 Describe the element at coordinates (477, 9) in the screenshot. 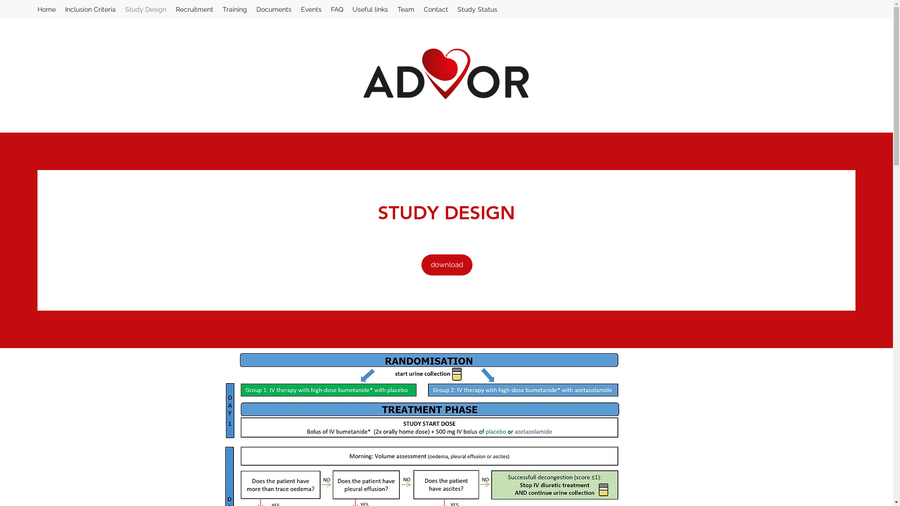

I see `'Study Status'` at that location.